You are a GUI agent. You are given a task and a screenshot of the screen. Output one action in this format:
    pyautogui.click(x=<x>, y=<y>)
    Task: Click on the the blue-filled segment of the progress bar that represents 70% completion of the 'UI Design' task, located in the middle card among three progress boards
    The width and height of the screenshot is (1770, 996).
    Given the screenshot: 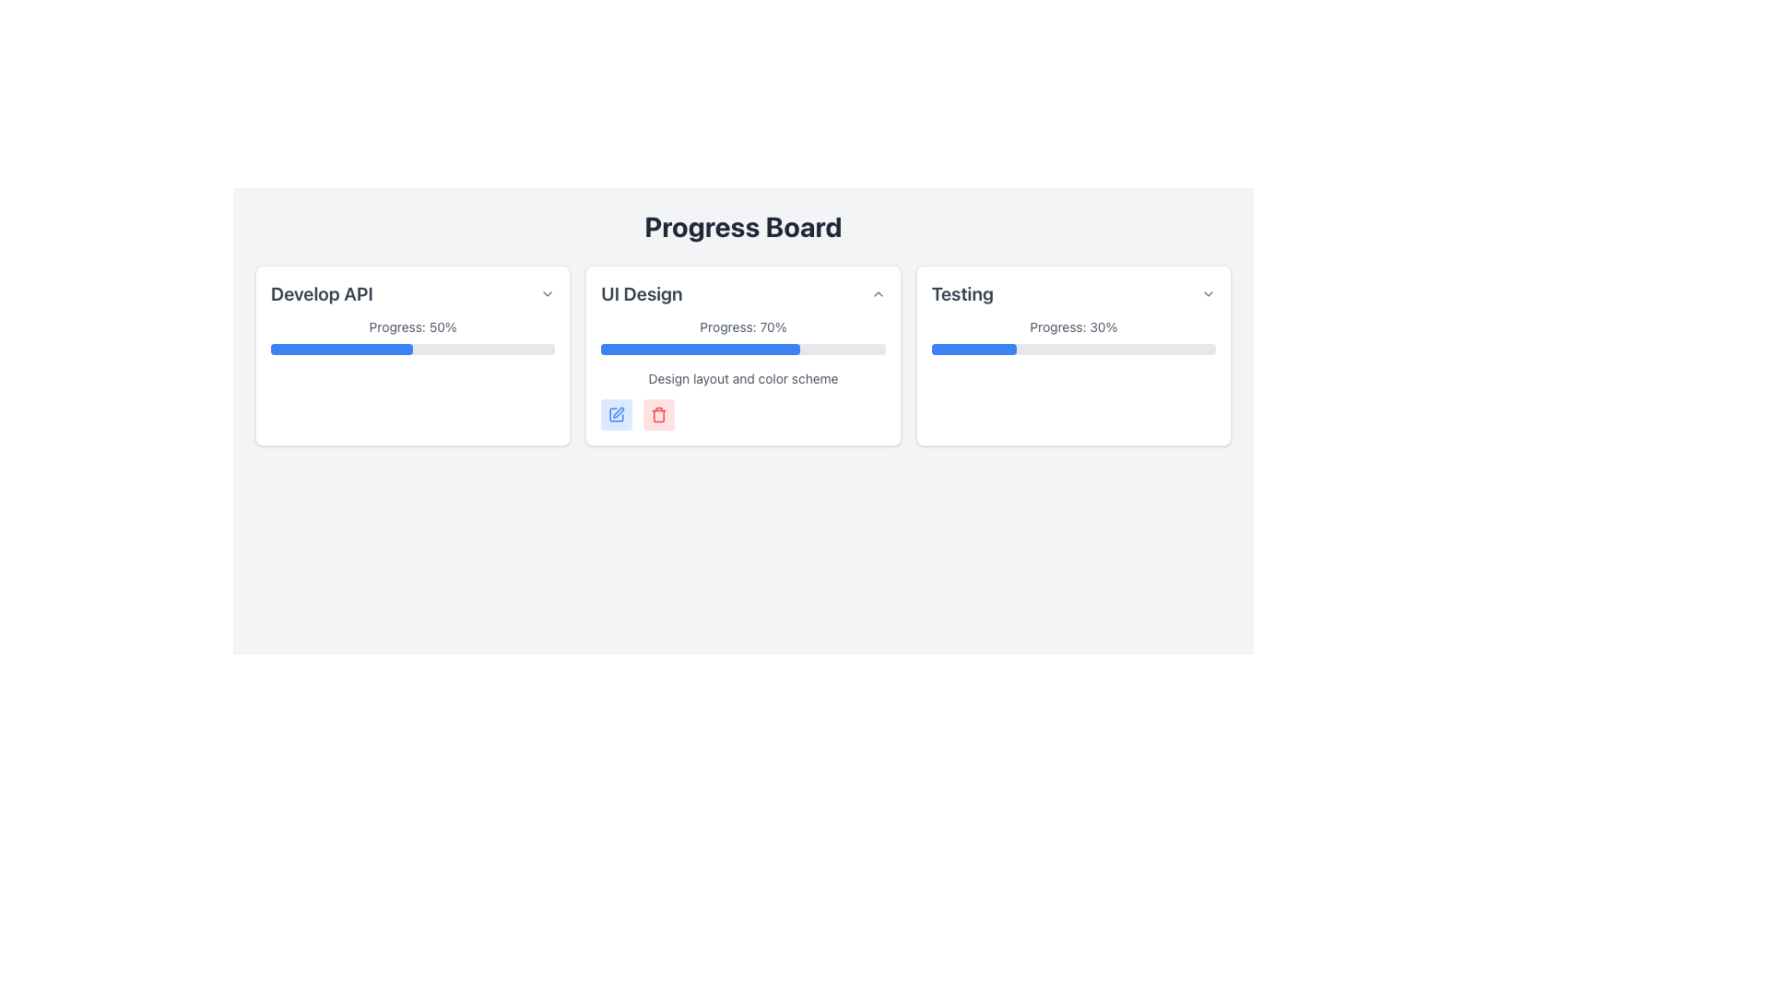 What is the action you would take?
    pyautogui.click(x=700, y=349)
    